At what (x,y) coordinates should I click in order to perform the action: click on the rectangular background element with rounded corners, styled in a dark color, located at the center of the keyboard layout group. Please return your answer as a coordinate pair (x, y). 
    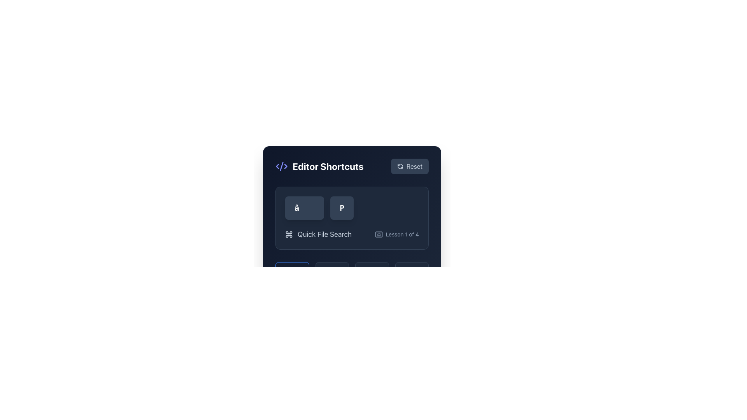
    Looking at the image, I should click on (379, 234).